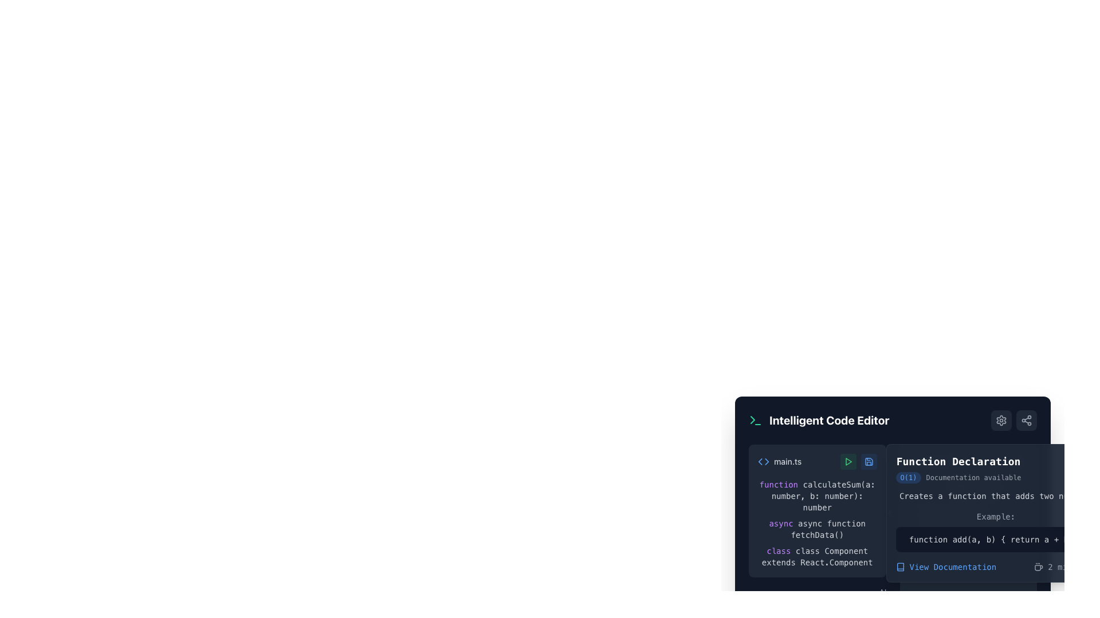  Describe the element at coordinates (995, 539) in the screenshot. I see `the code block displaying the example function declaration located in the 'Example:' section of the code editor interface` at that location.